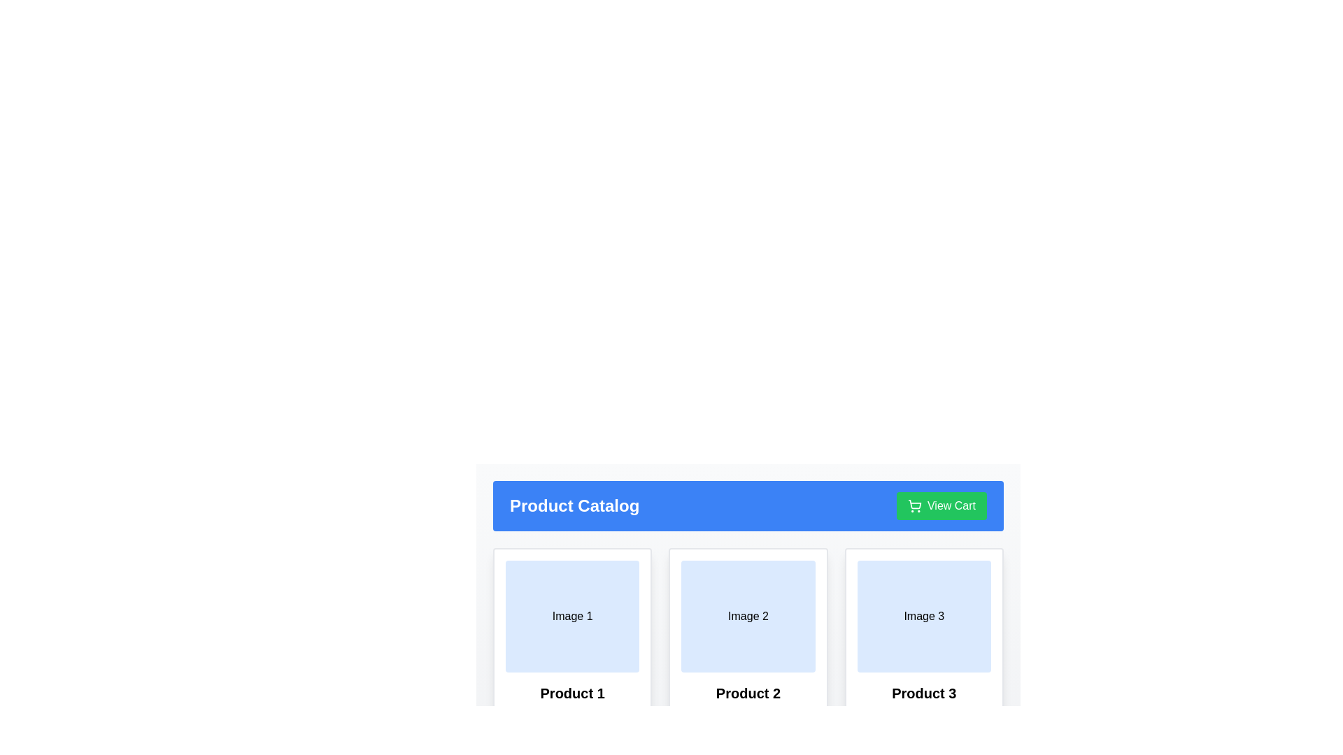 This screenshot has height=755, width=1343. I want to click on the text label displaying 'Image 1' which is centered in the first product card with a light blue background, so click(572, 616).